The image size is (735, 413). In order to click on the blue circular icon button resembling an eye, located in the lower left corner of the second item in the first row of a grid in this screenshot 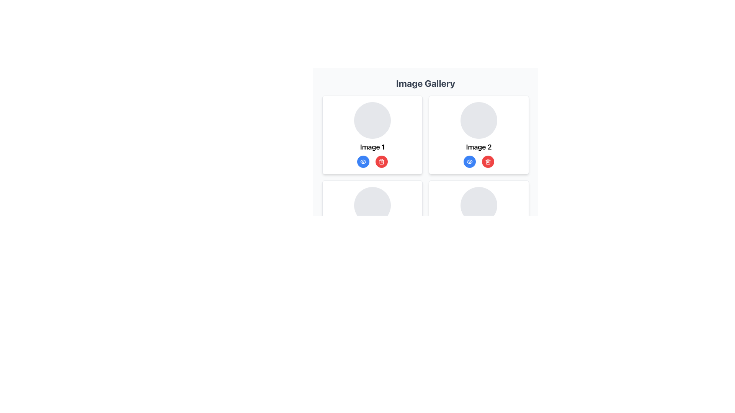, I will do `click(469, 161)`.